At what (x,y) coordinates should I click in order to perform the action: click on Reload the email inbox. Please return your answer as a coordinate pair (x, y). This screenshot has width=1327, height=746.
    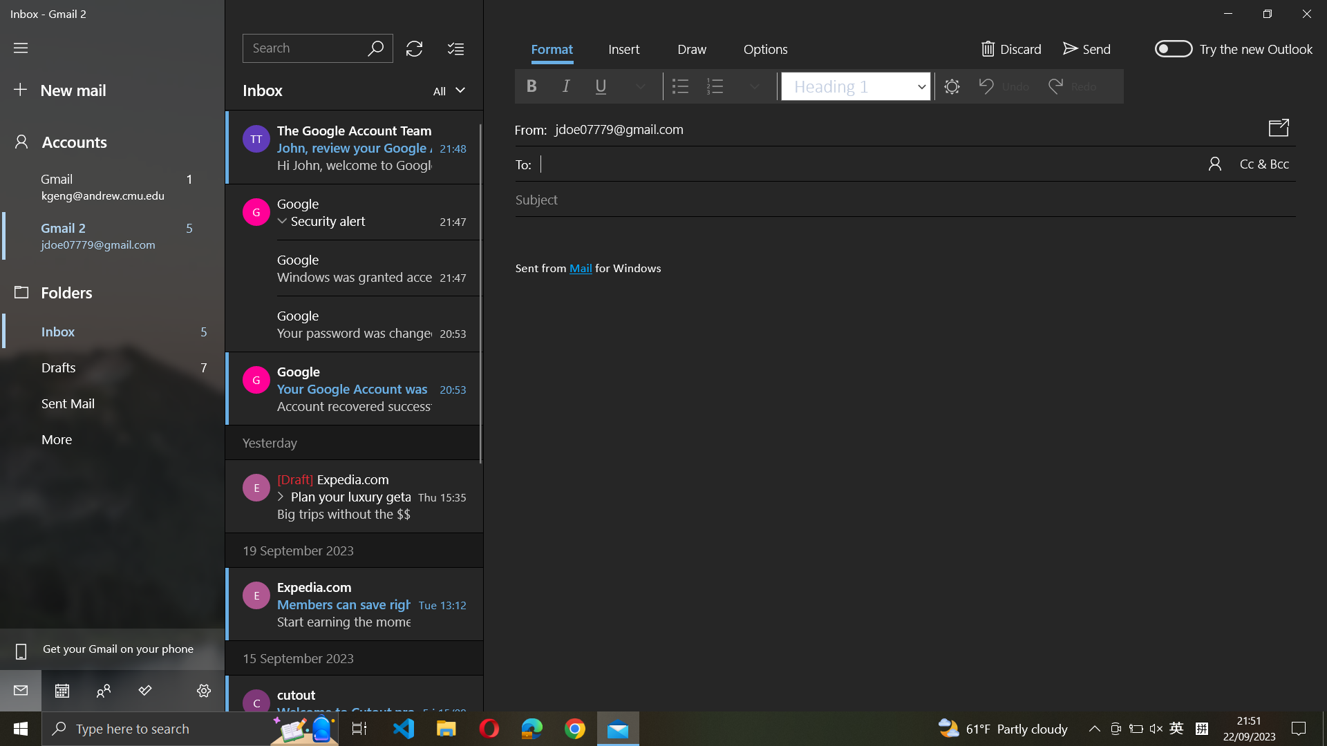
    Looking at the image, I should click on (413, 47).